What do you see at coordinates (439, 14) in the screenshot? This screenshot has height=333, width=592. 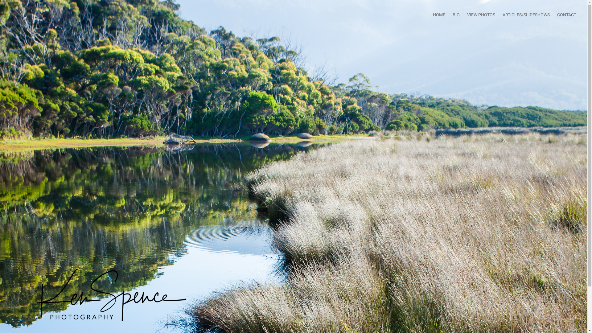 I see `'HOME'` at bounding box center [439, 14].